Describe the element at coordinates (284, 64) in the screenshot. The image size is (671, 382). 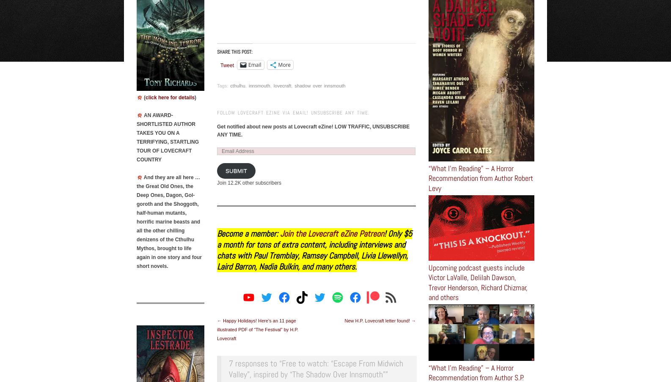
I see `'More'` at that location.